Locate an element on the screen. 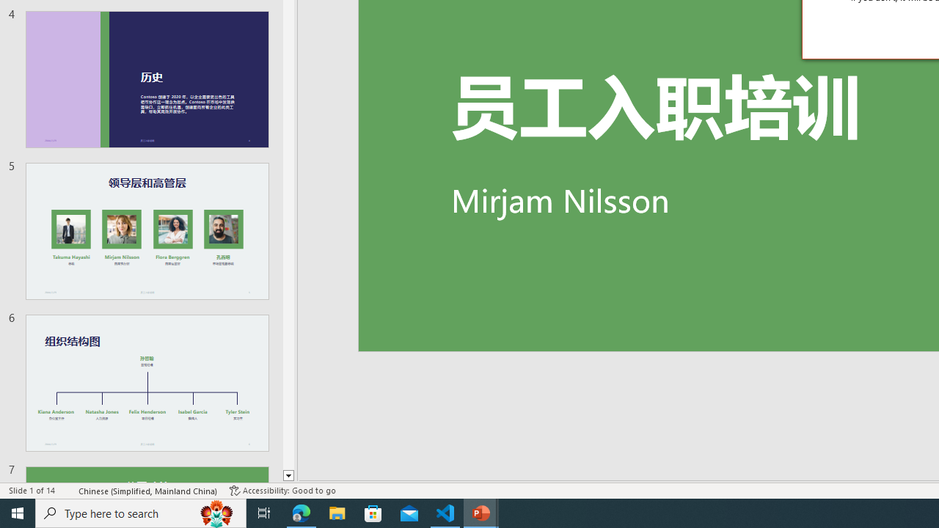 Image resolution: width=939 pixels, height=528 pixels. 'Spell Check ' is located at coordinates (67, 491).